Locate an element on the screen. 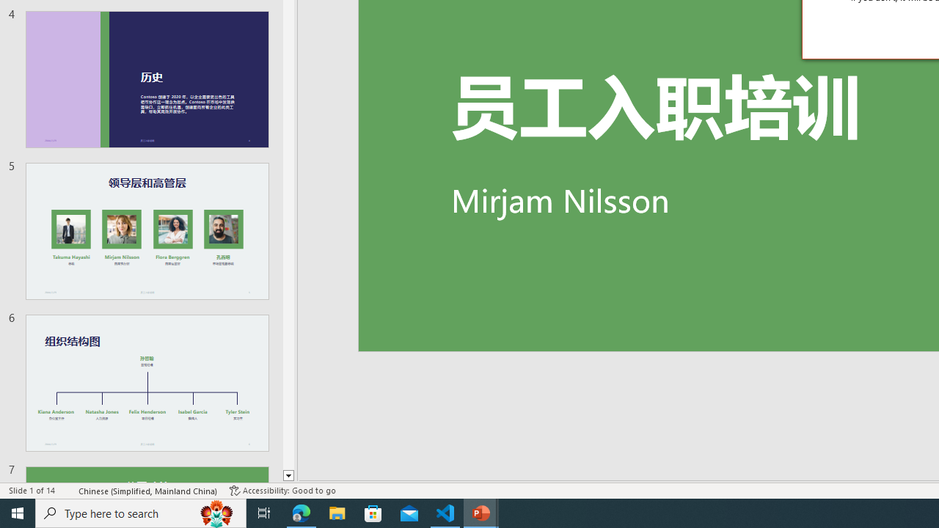 Image resolution: width=939 pixels, height=528 pixels. 'Spell Check ' is located at coordinates (67, 491).